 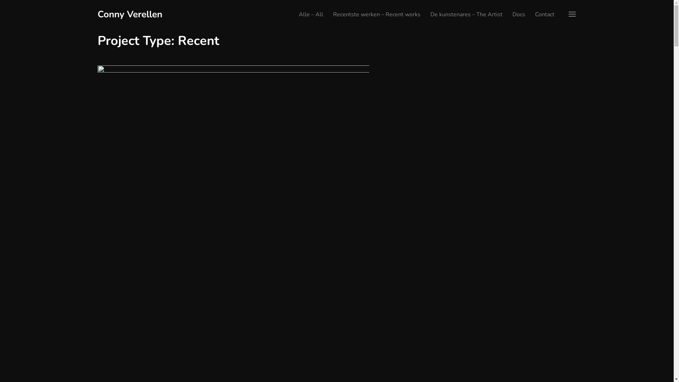 What do you see at coordinates (130, 14) in the screenshot?
I see `'Conny Verellen'` at bounding box center [130, 14].